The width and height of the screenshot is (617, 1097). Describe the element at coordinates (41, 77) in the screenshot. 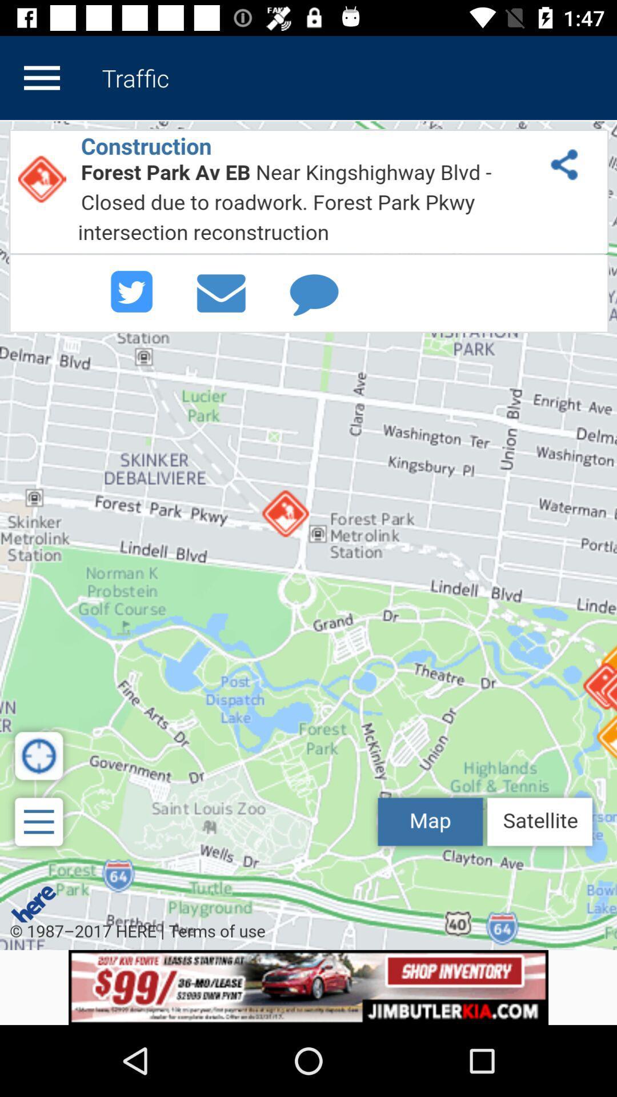

I see `menu` at that location.